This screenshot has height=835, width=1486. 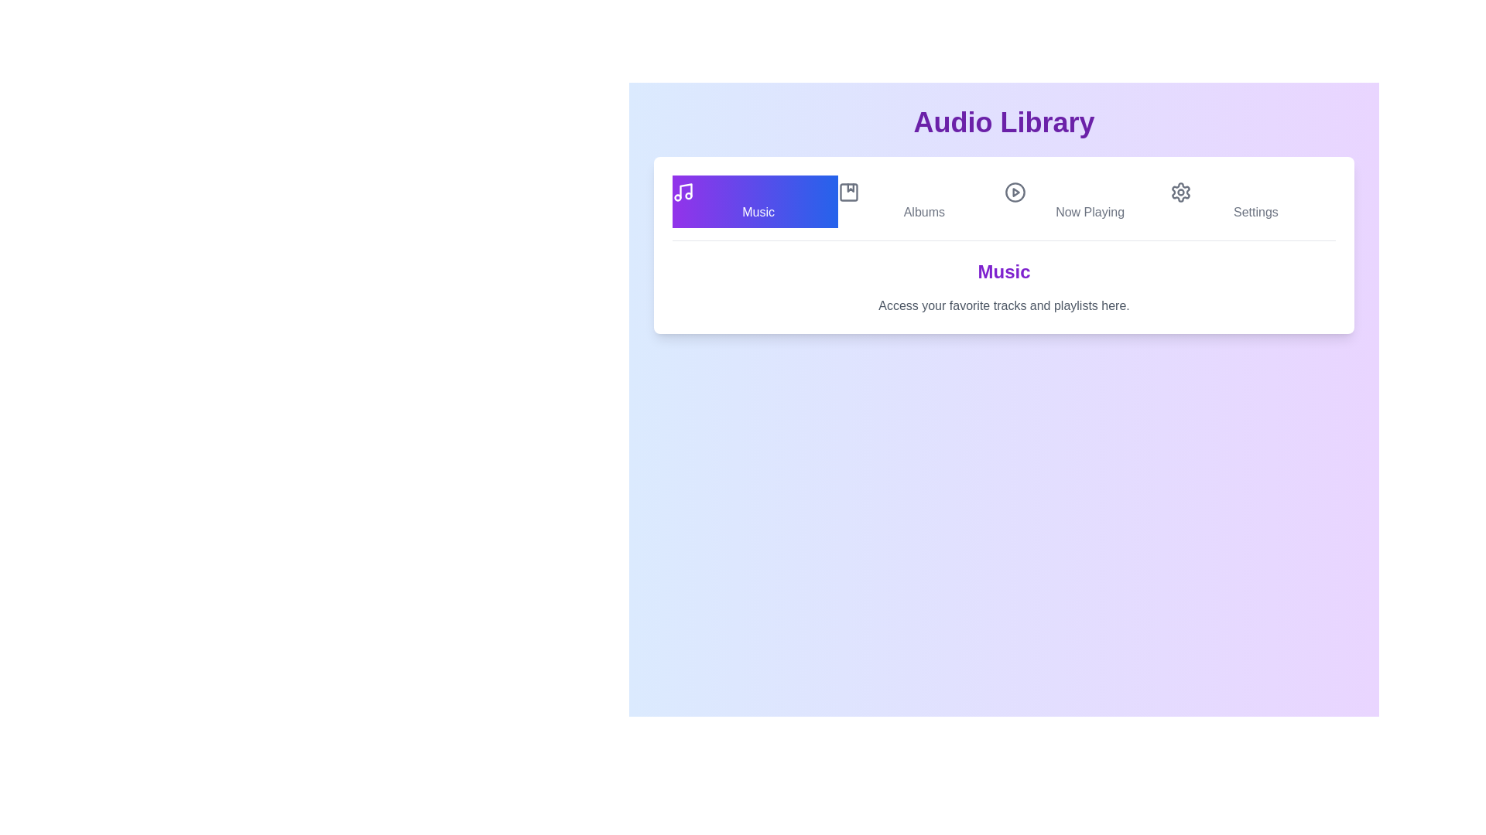 I want to click on the settings icon located, so click(x=1180, y=192).